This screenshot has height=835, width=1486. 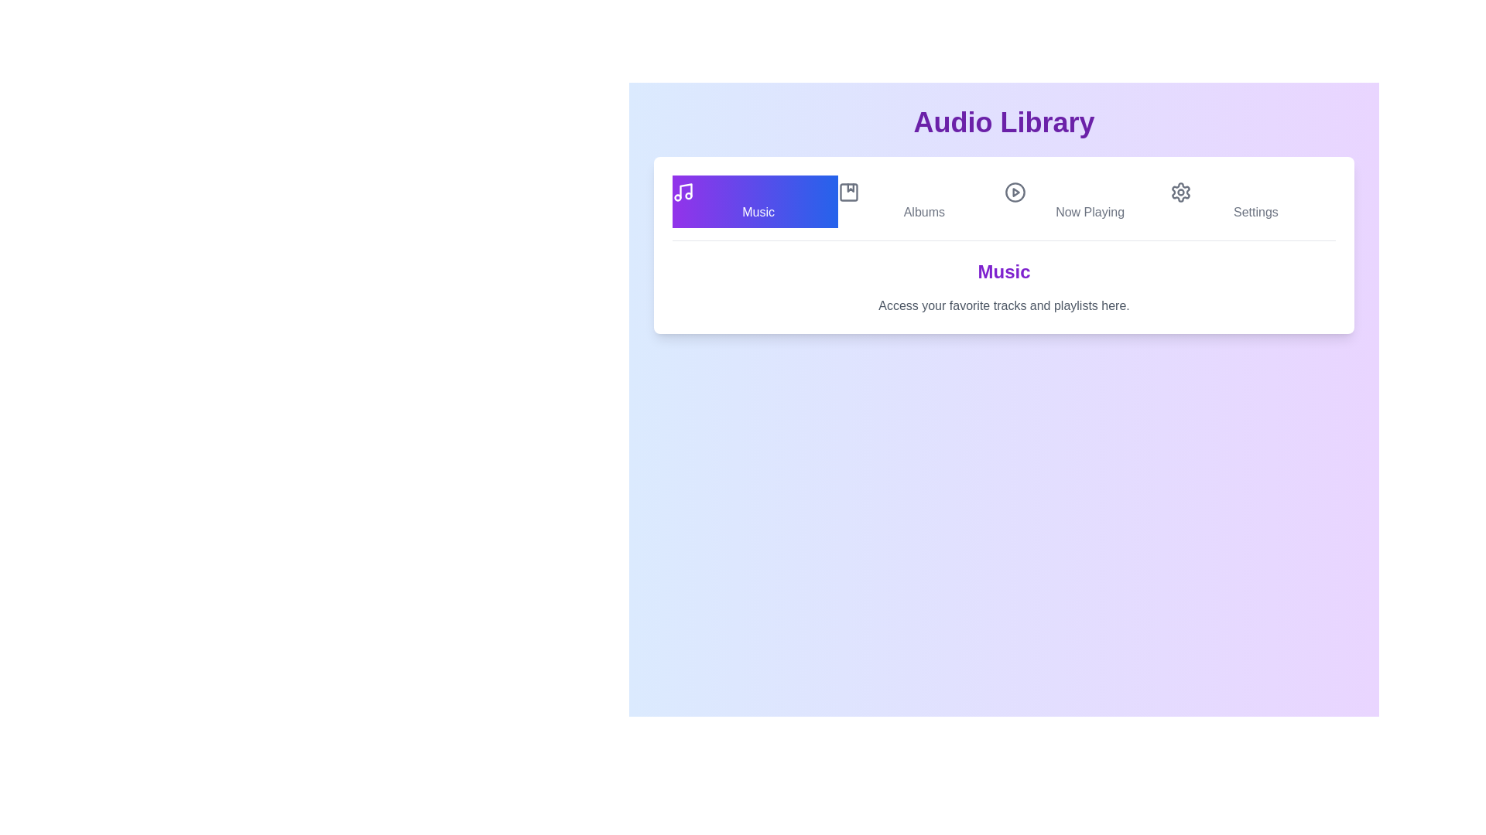 I want to click on the settings icon located, so click(x=1180, y=192).